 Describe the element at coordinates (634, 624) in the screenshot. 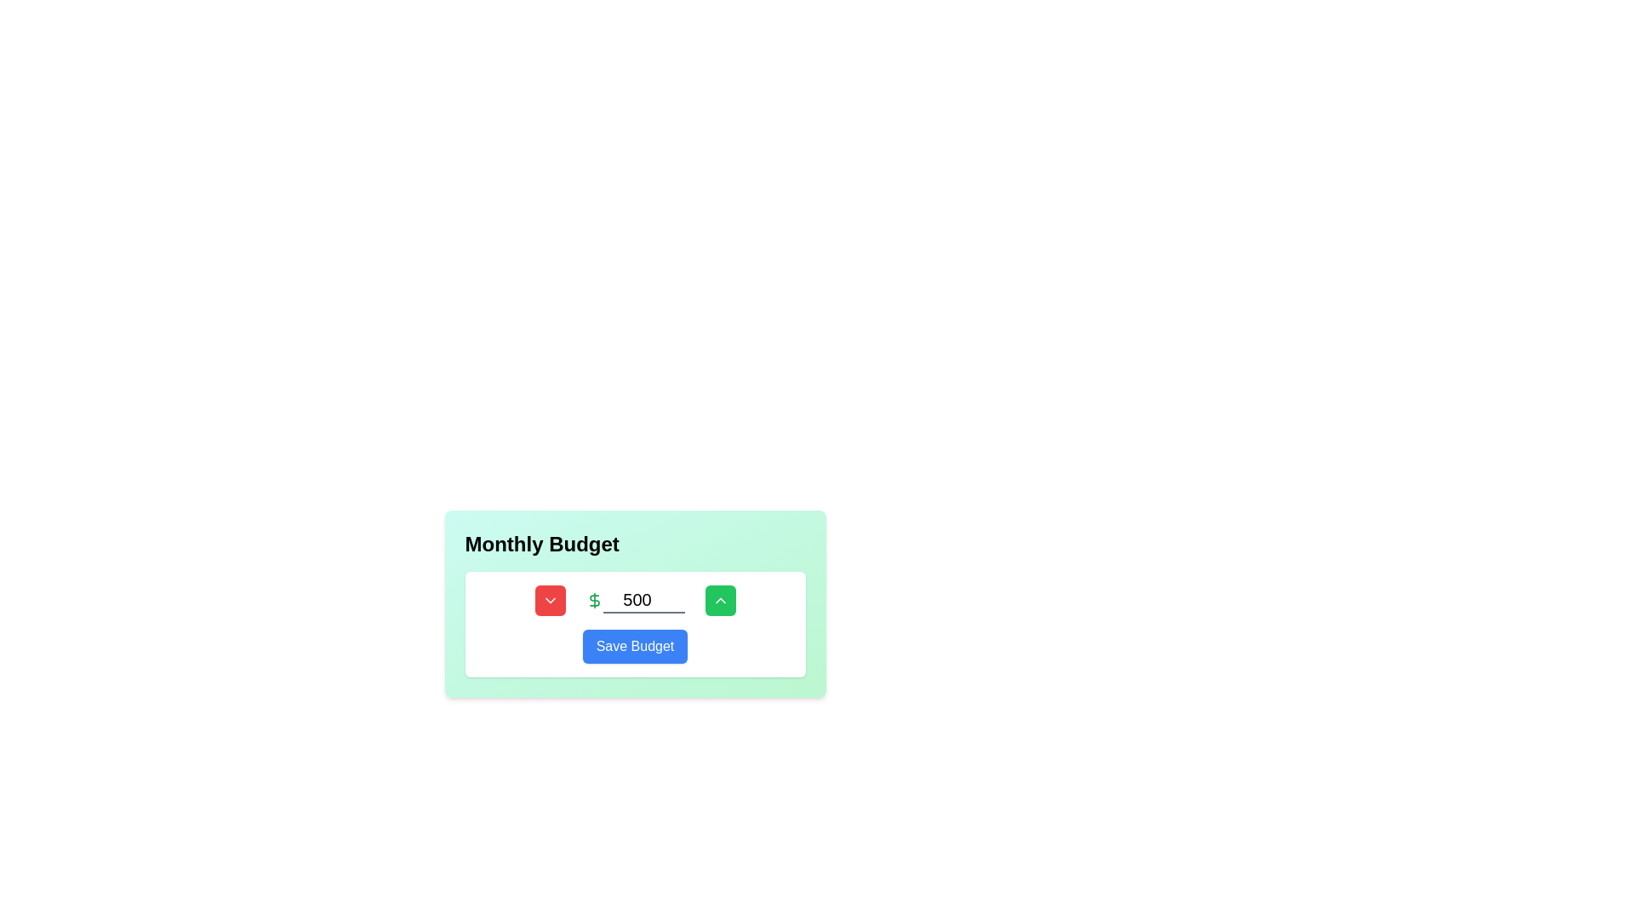

I see `the 'Save' button located within the 'Monthly Budget' card component` at that location.